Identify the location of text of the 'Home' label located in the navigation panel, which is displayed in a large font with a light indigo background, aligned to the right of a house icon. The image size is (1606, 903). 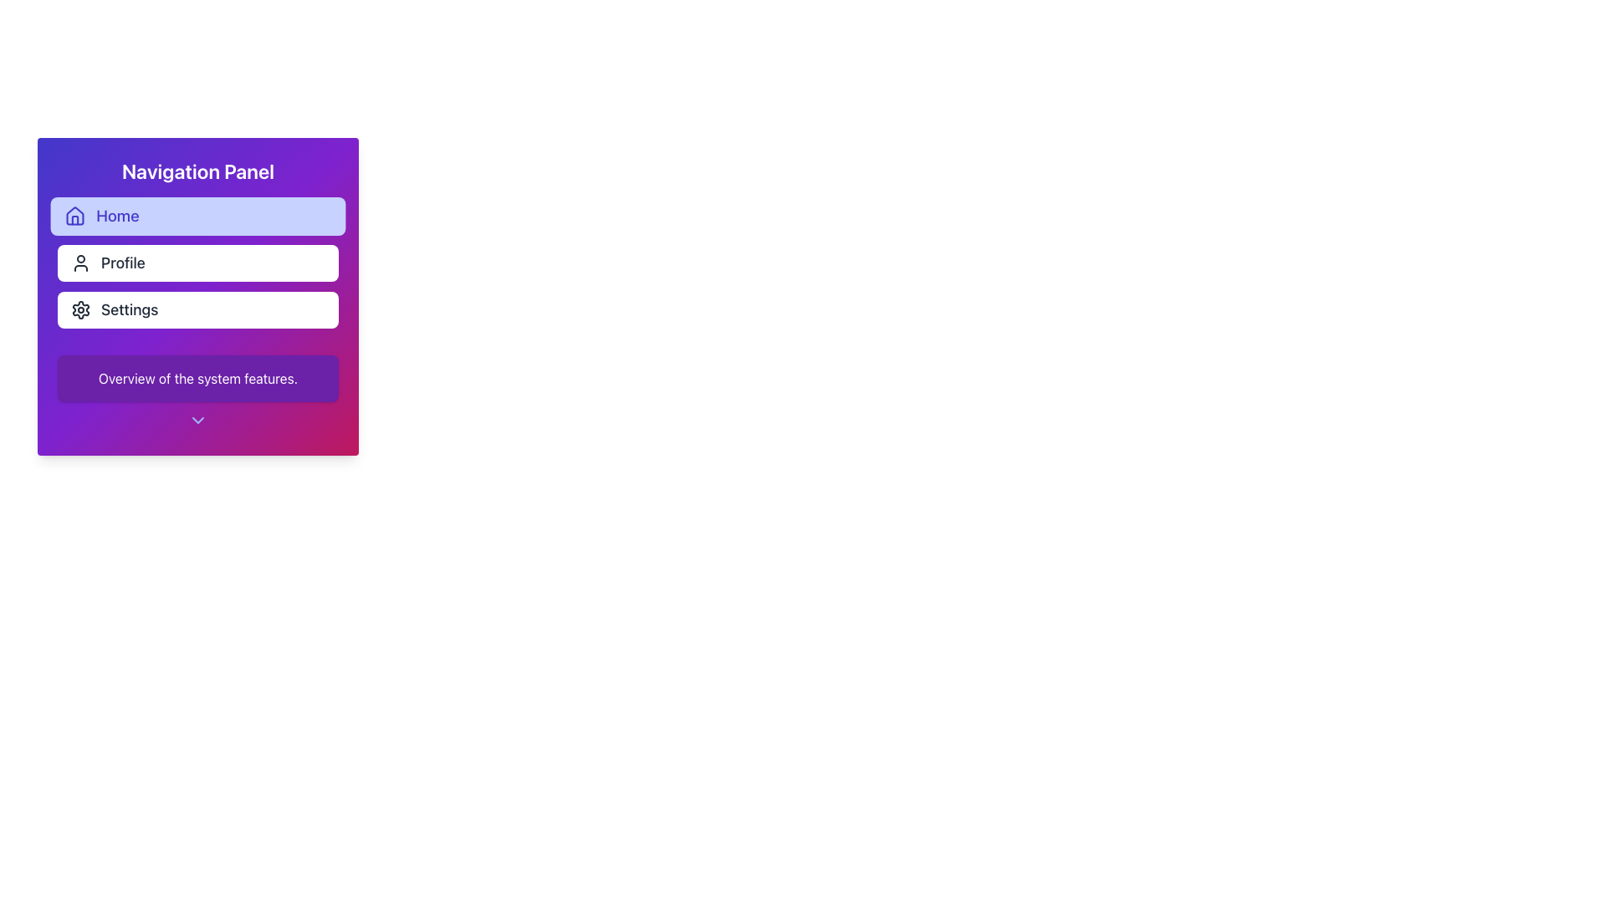
(116, 215).